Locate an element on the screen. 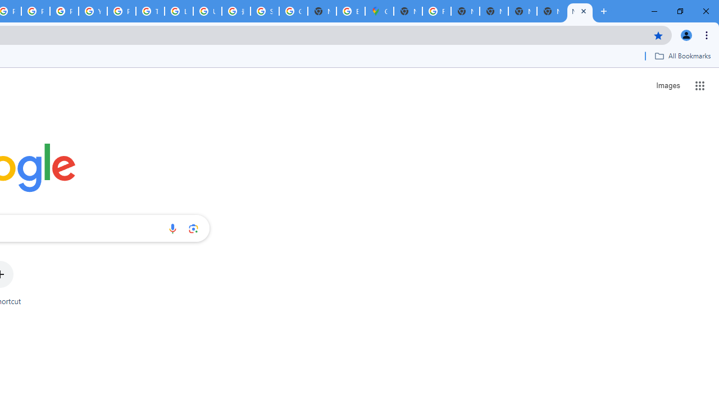  'Google Maps' is located at coordinates (379, 11).